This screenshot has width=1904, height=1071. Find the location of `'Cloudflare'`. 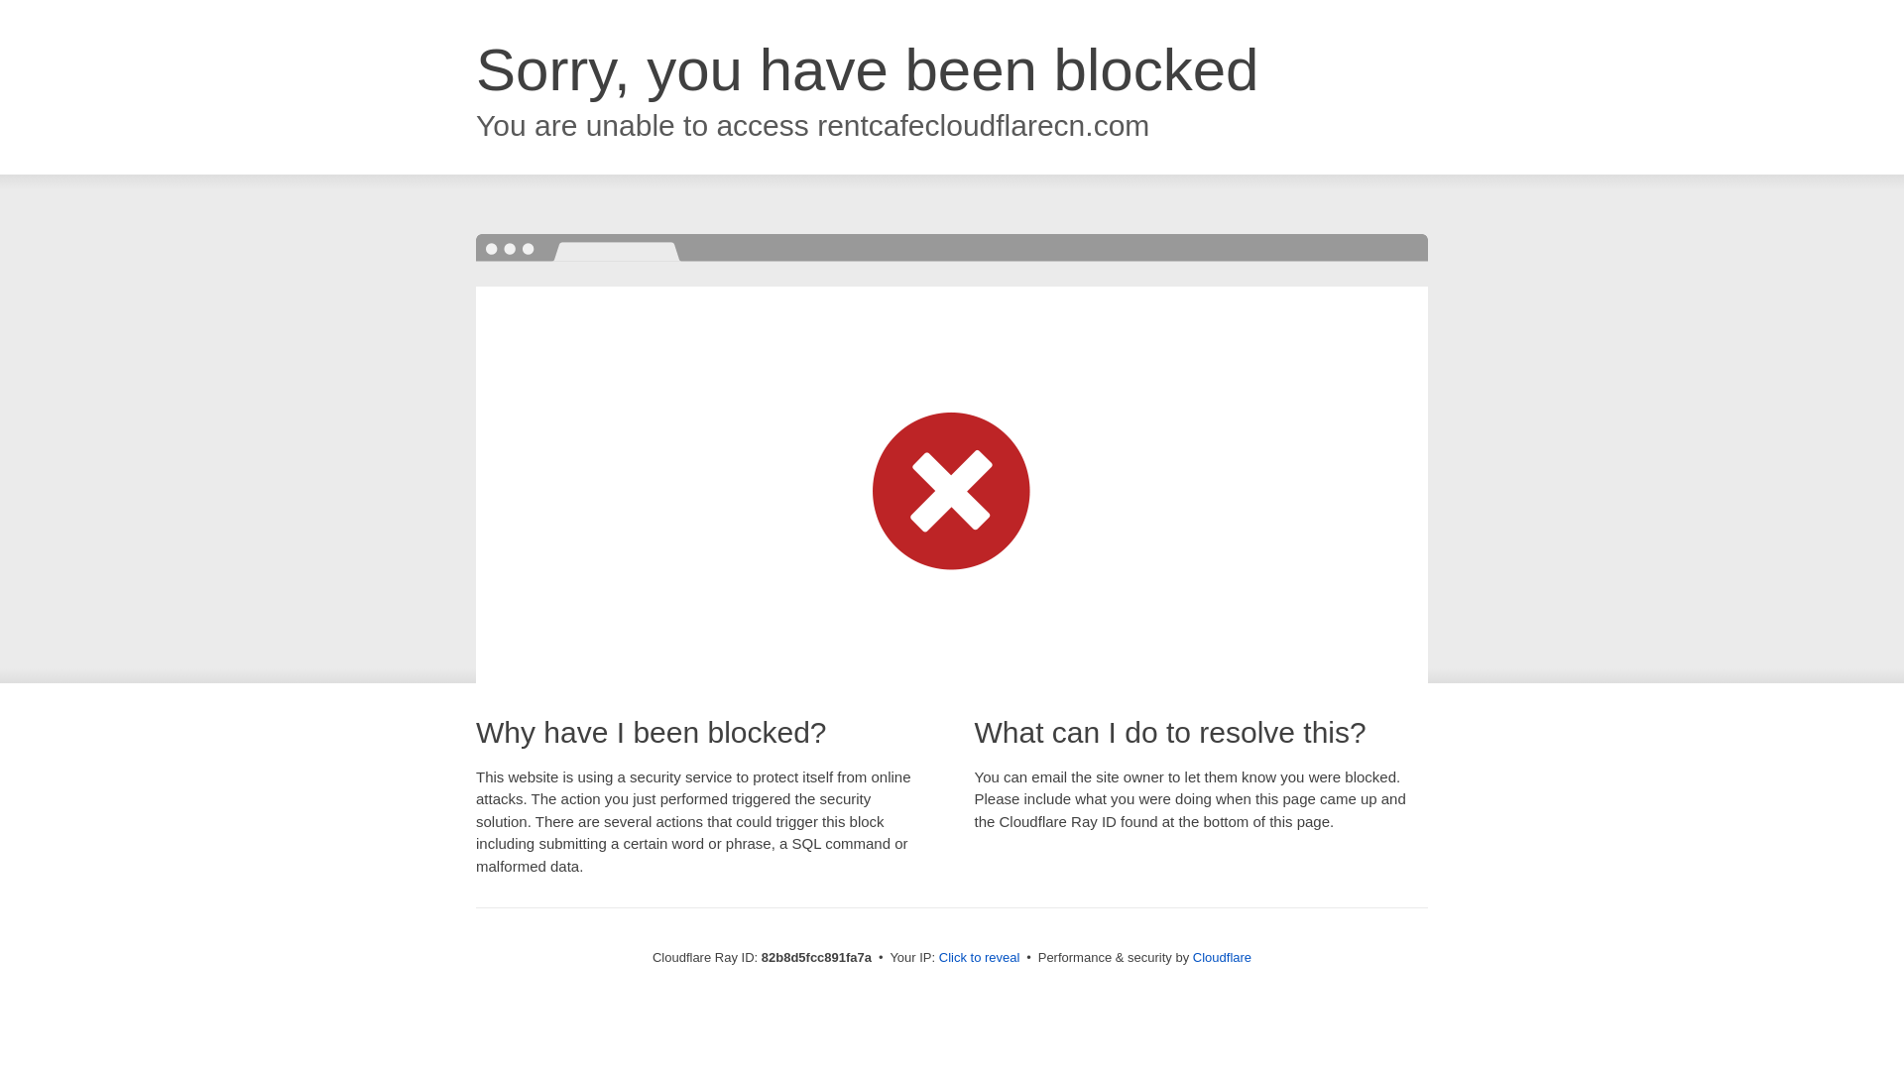

'Cloudflare' is located at coordinates (1221, 956).